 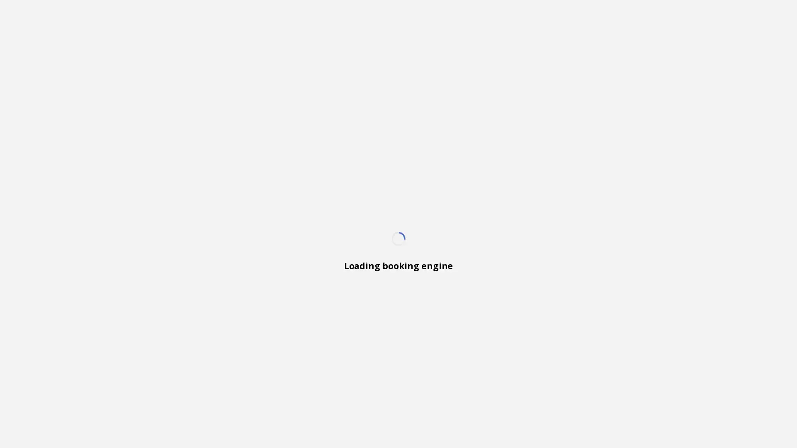 I want to click on Accept all, so click(x=675, y=422).